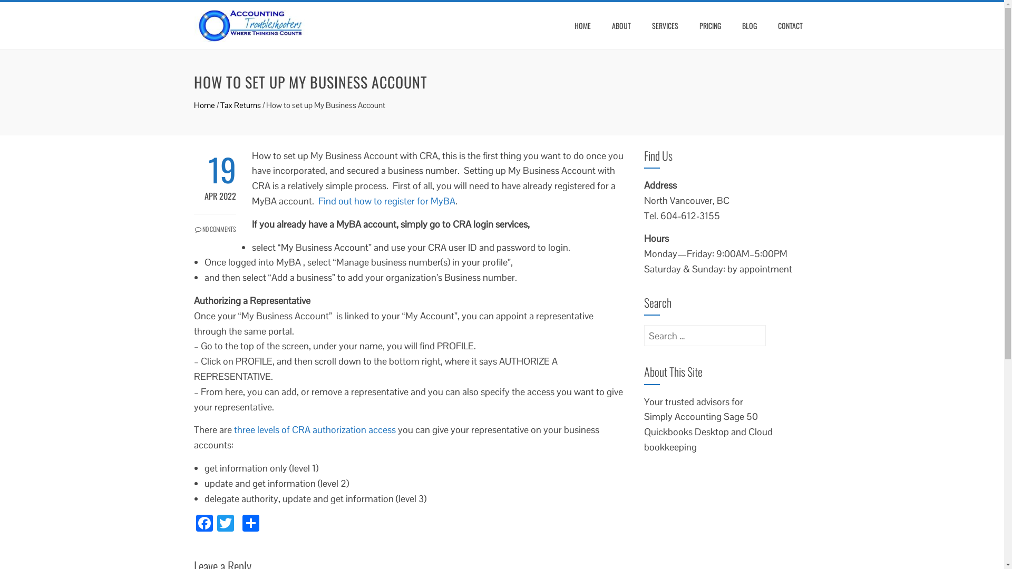 Image resolution: width=1012 pixels, height=569 pixels. Describe the element at coordinates (205, 105) in the screenshot. I see `'Home'` at that location.